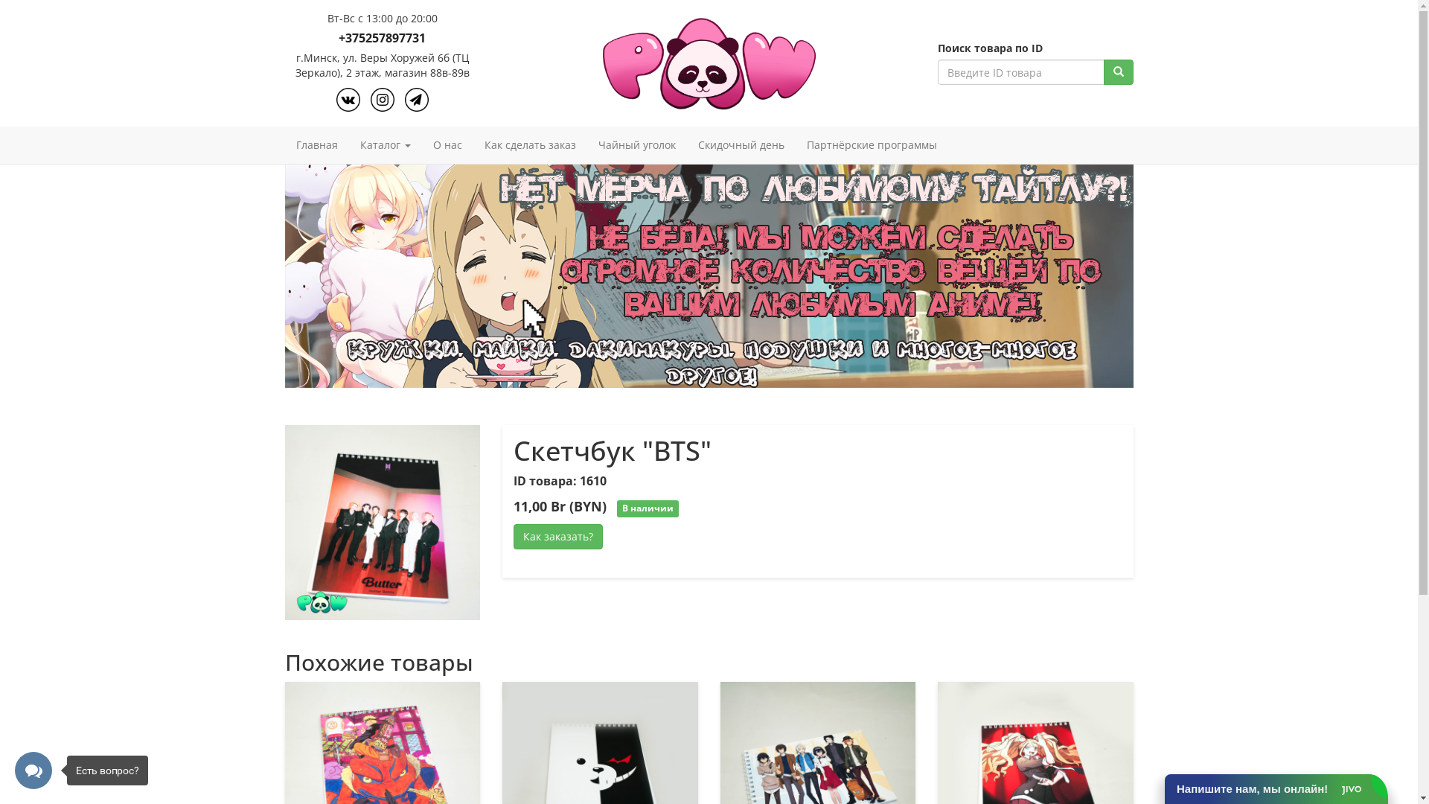 The height and width of the screenshot is (804, 1429). What do you see at coordinates (382, 37) in the screenshot?
I see `'+375257897731'` at bounding box center [382, 37].